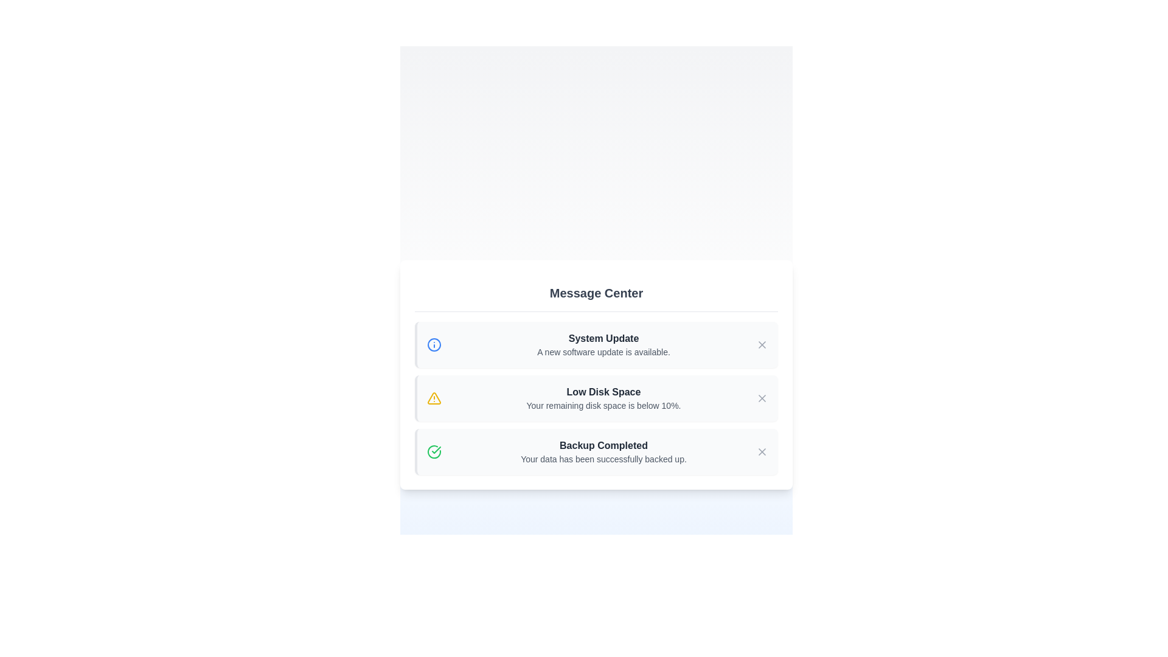  I want to click on the 'Backup Completed' status message, which is styled in bold dark gray and located below the 'Low Disk Space' message, so click(603, 445).